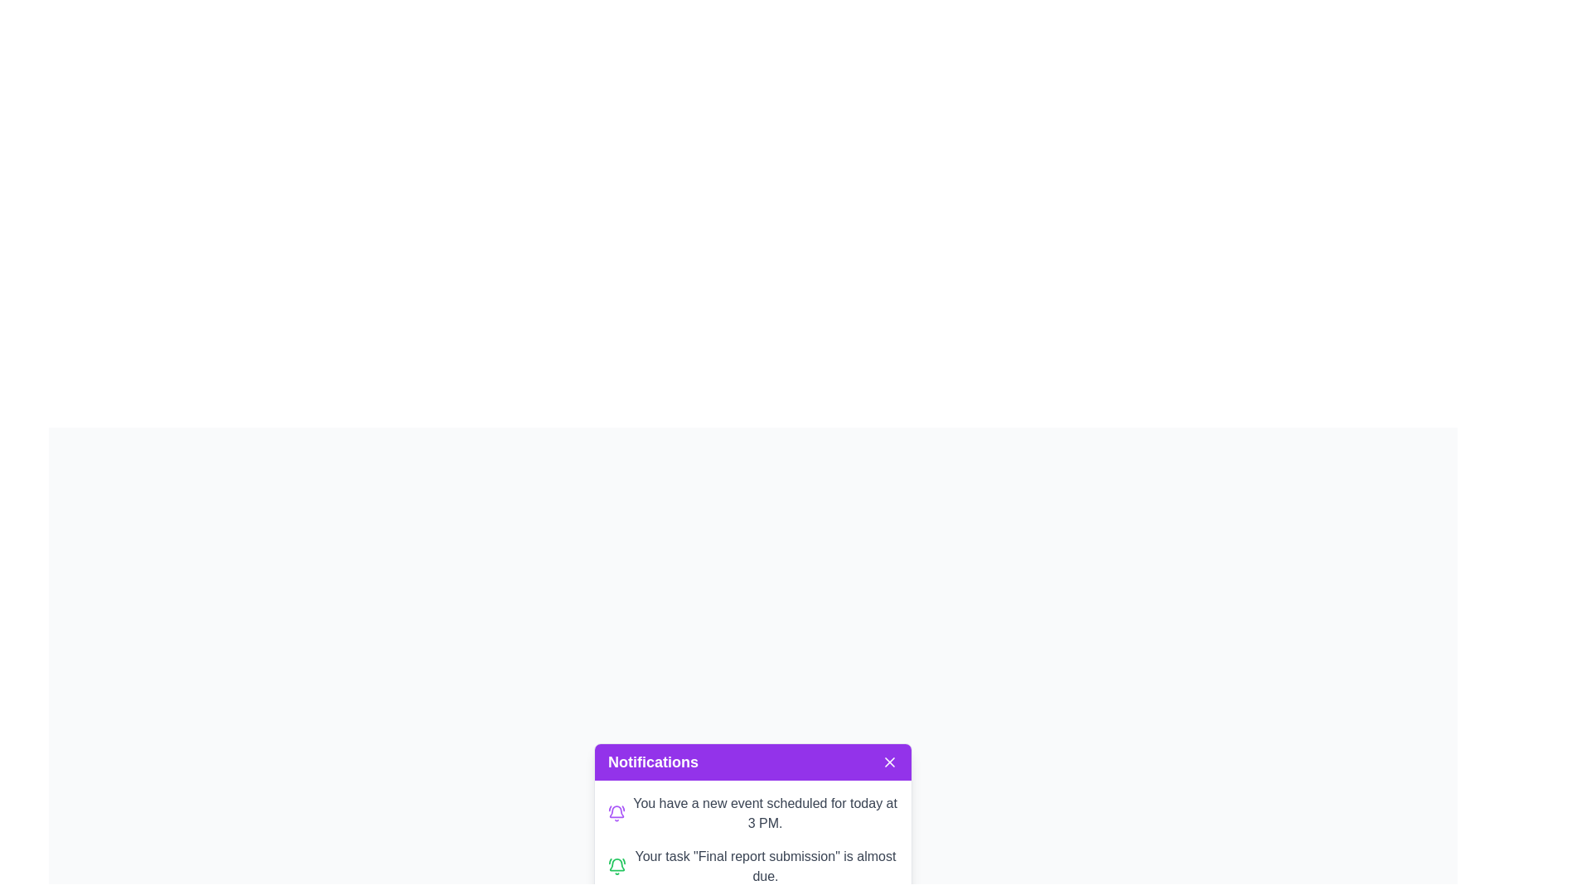  I want to click on the Text label that serves as a title or heading for the notifications, located in the top-left of the header section of the notification card, so click(652, 762).